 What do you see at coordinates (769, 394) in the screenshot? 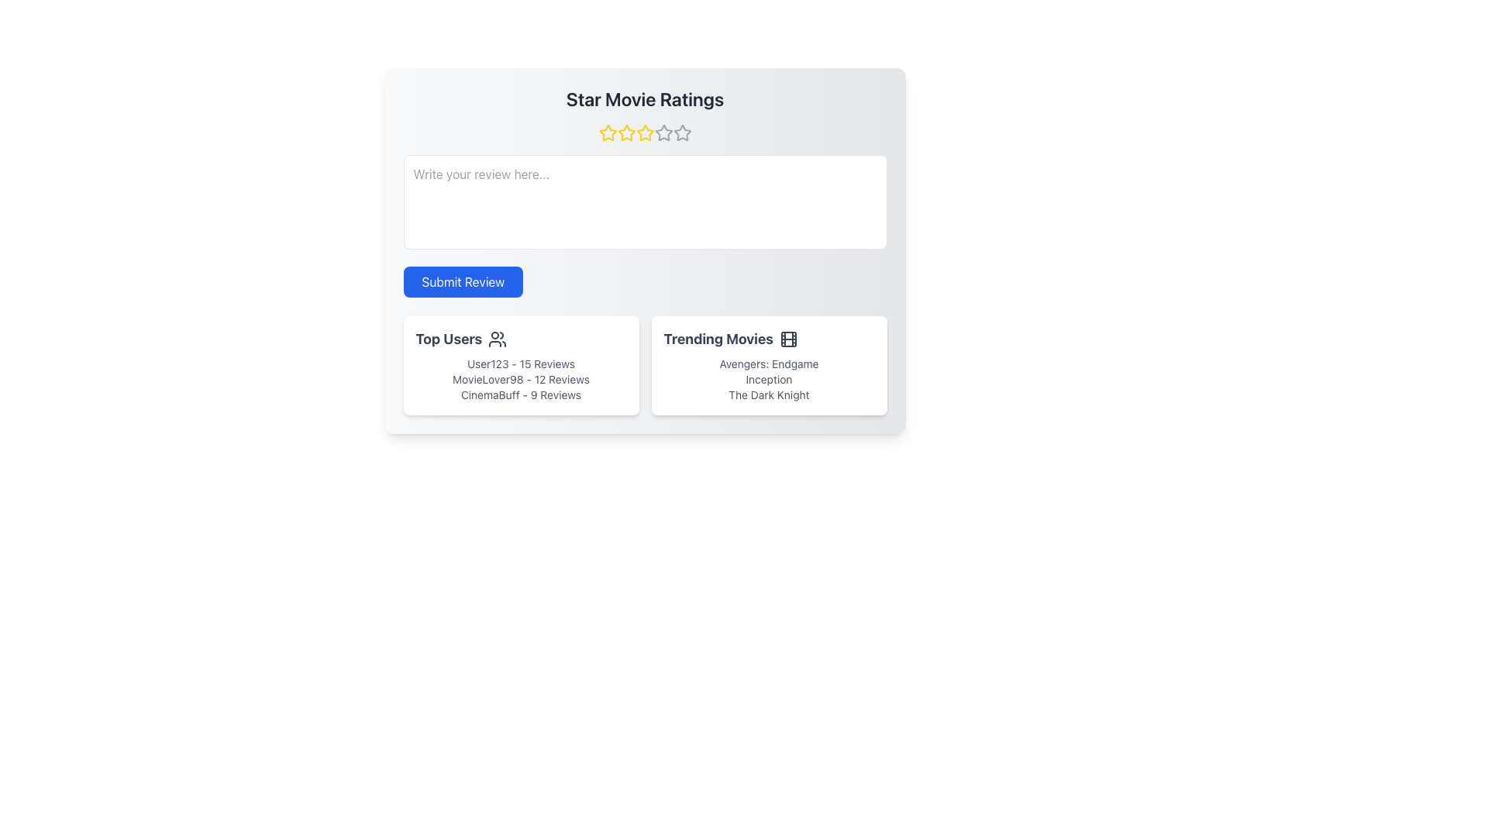
I see `the static text element displaying 'The Dark Knight' in gray font, located in the 'Trending Movies' section as the last entry in the list` at bounding box center [769, 394].